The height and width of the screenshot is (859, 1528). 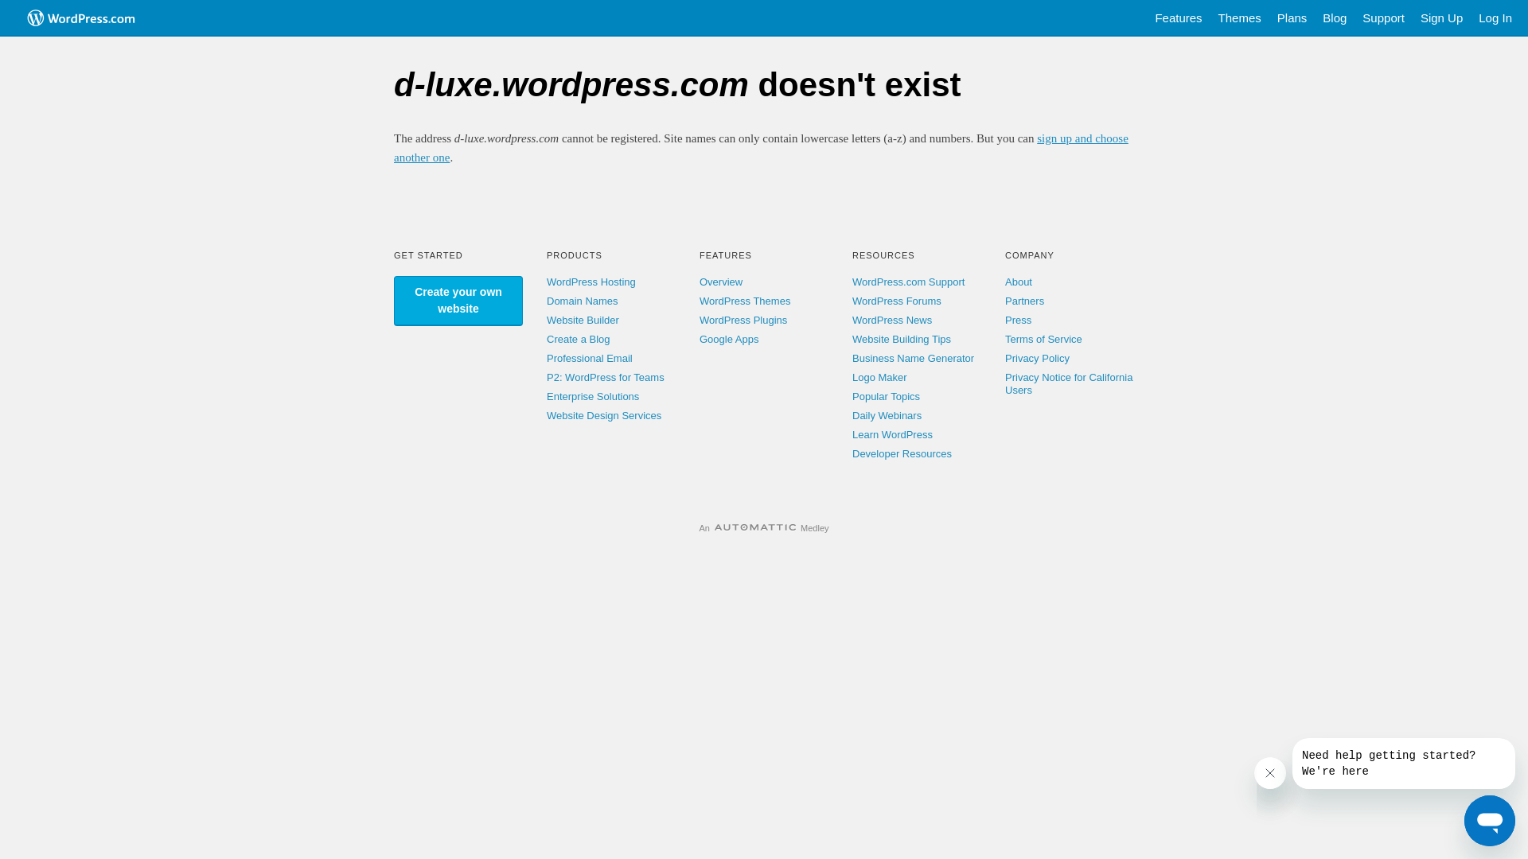 What do you see at coordinates (754, 527) in the screenshot?
I see `'Automattic'` at bounding box center [754, 527].